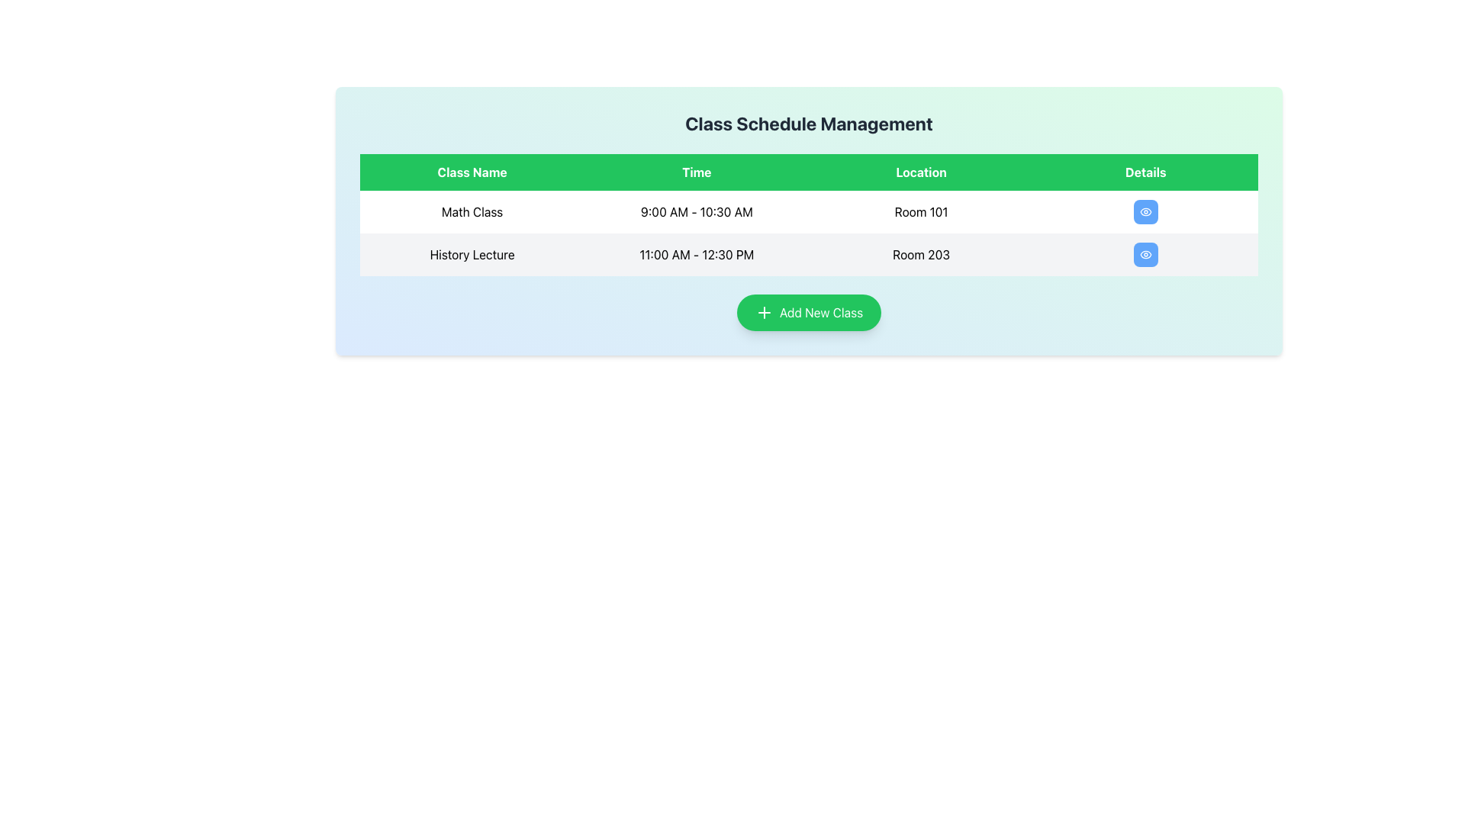  I want to click on the eye-shaped icon in the 'Details' column of the 'Class Schedule Management' table, specifically in the second row for the 'History Lecture' entry, so click(1145, 211).